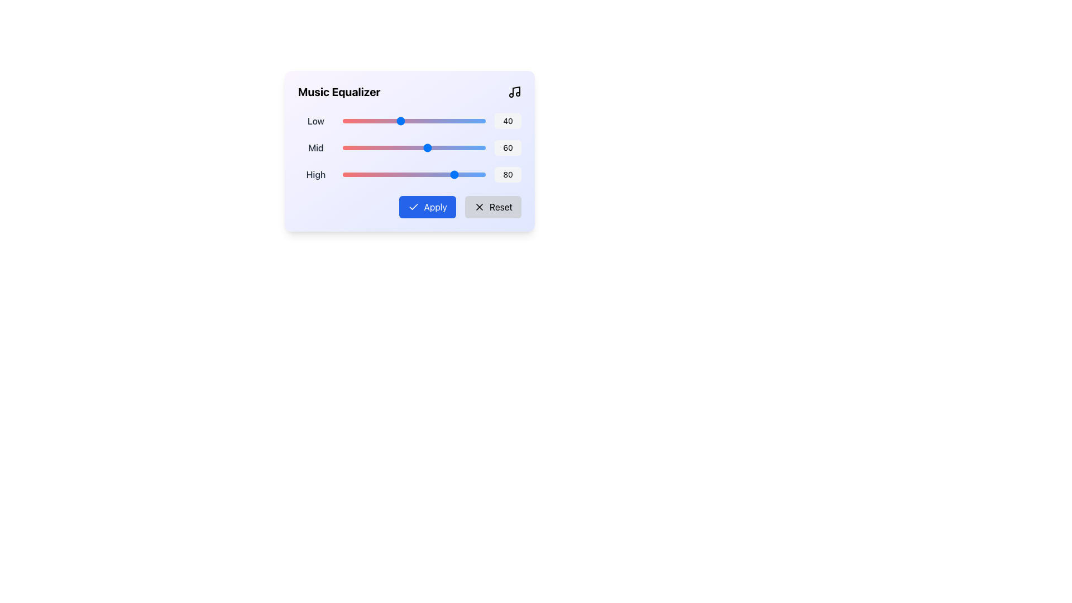 Image resolution: width=1072 pixels, height=603 pixels. Describe the element at coordinates (351, 121) in the screenshot. I see `the Low frequency equalizer value` at that location.